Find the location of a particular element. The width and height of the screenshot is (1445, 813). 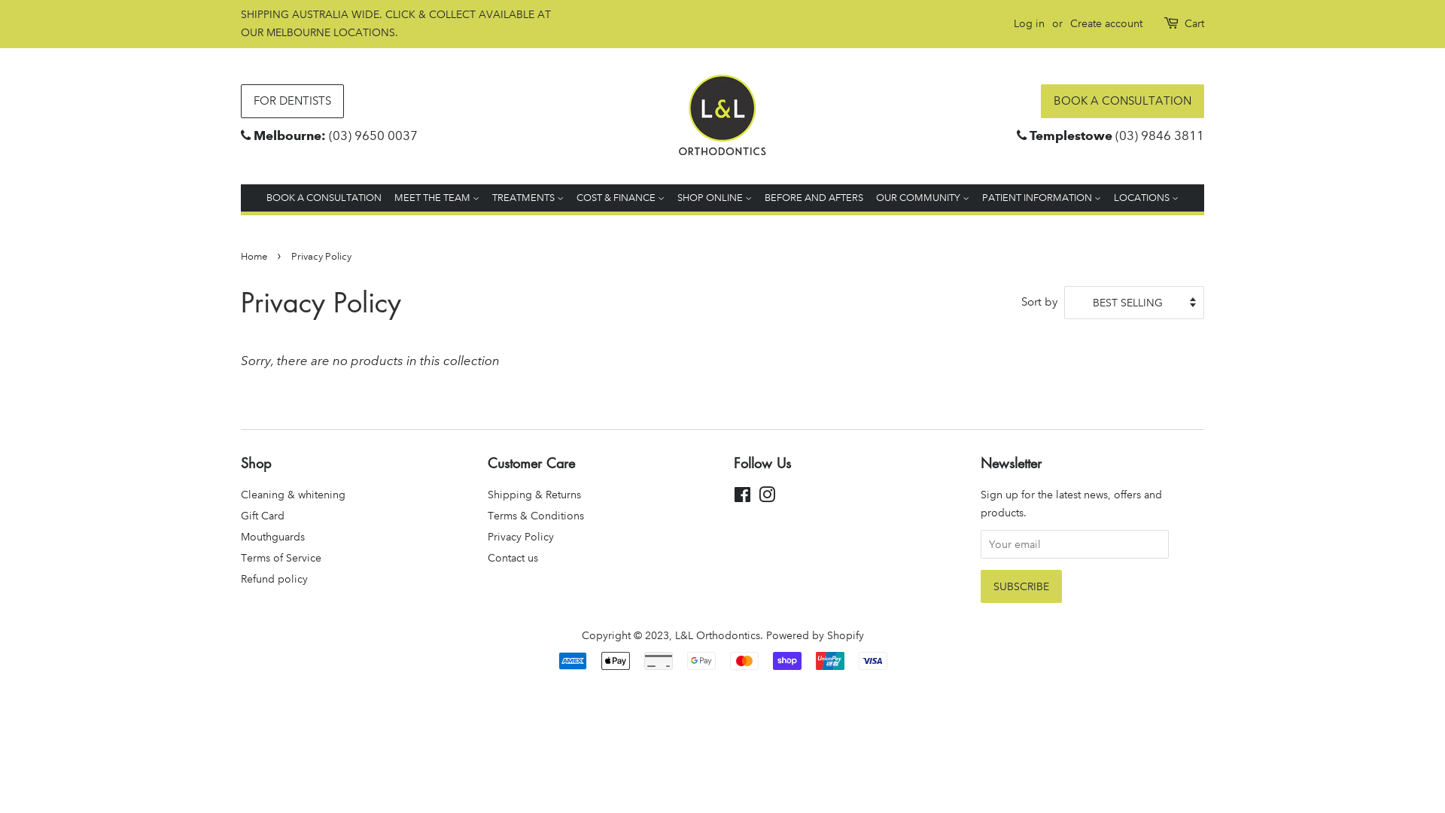

'SHOP ONLINE' is located at coordinates (713, 197).